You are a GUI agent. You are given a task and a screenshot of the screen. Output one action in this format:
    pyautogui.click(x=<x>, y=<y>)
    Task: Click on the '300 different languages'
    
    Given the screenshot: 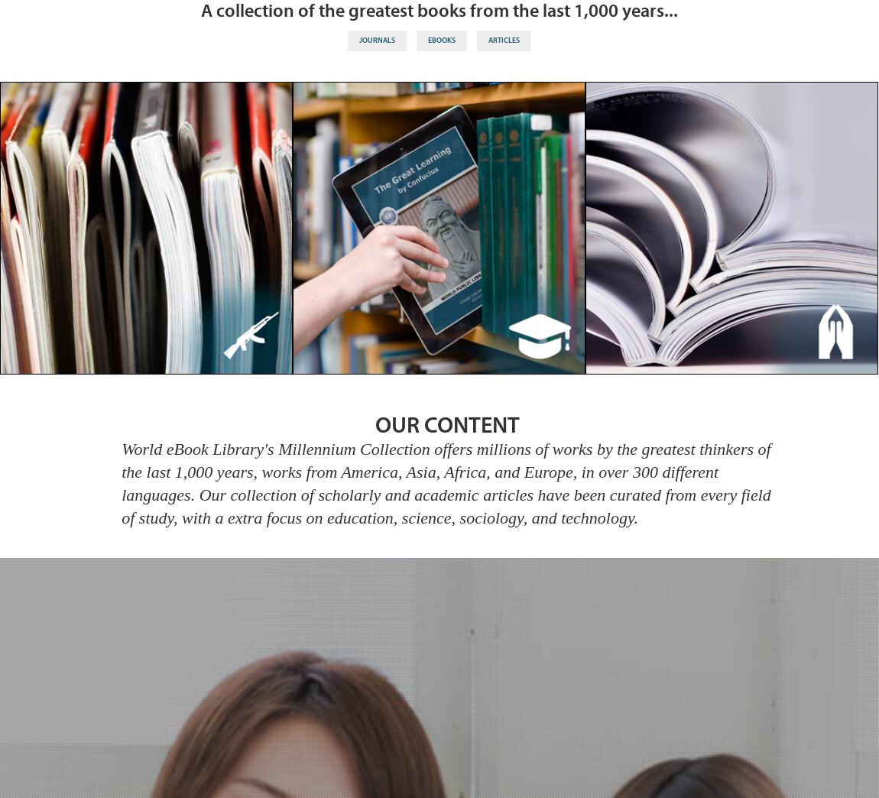 What is the action you would take?
    pyautogui.click(x=420, y=482)
    